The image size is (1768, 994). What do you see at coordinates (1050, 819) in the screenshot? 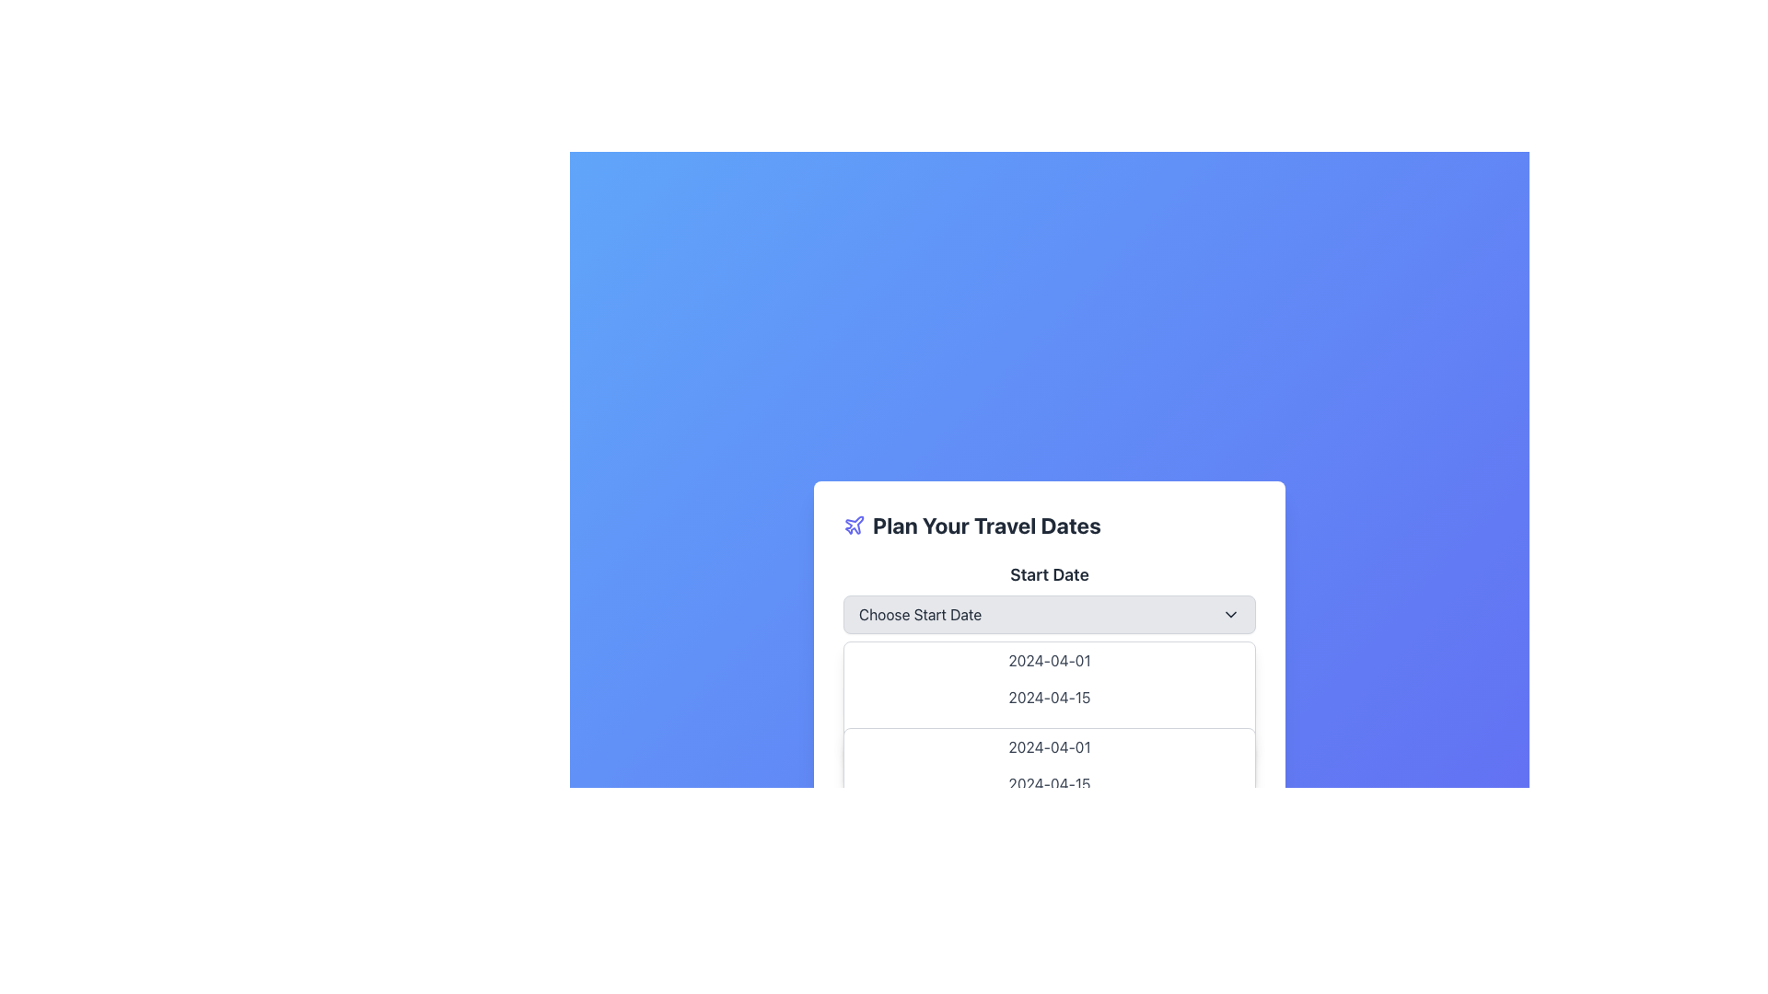
I see `the third date option in the date picker interface` at bounding box center [1050, 819].